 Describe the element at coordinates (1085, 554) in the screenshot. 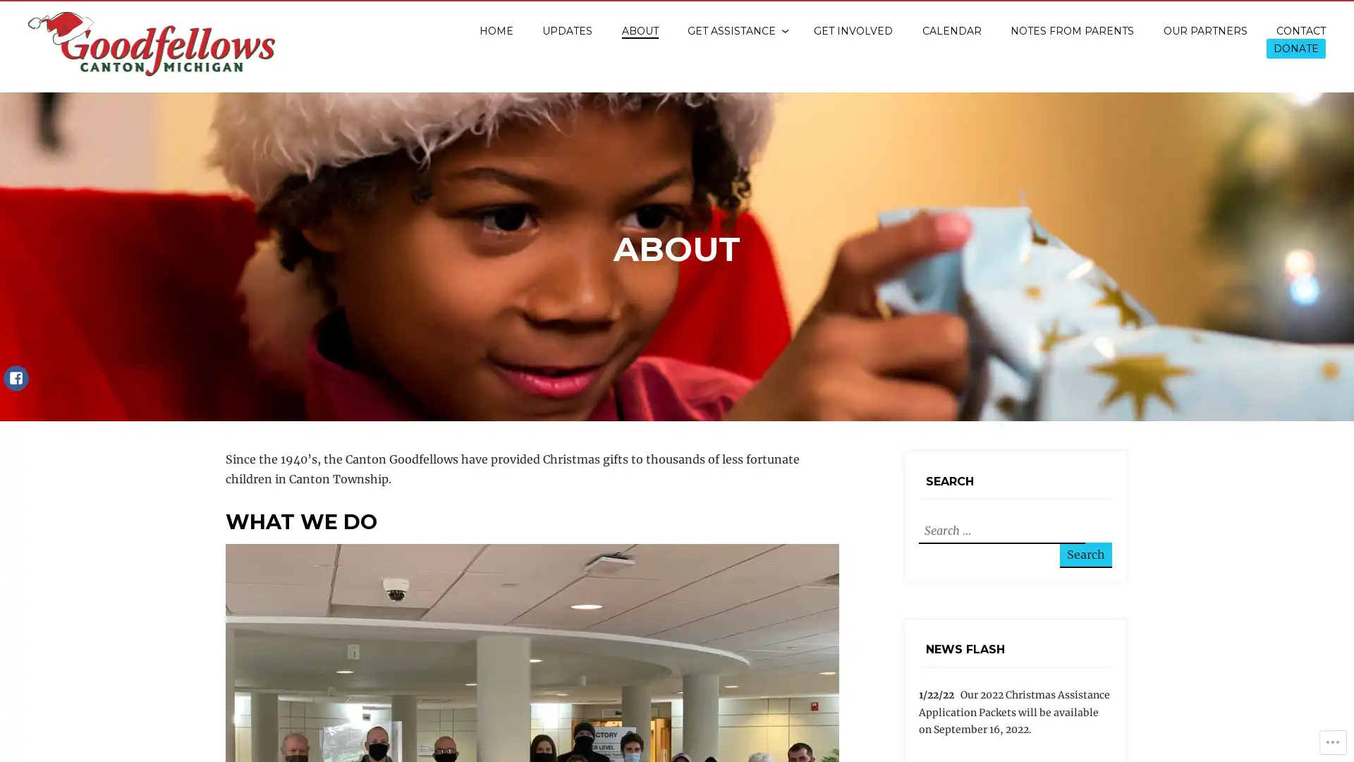

I see `Search` at that location.